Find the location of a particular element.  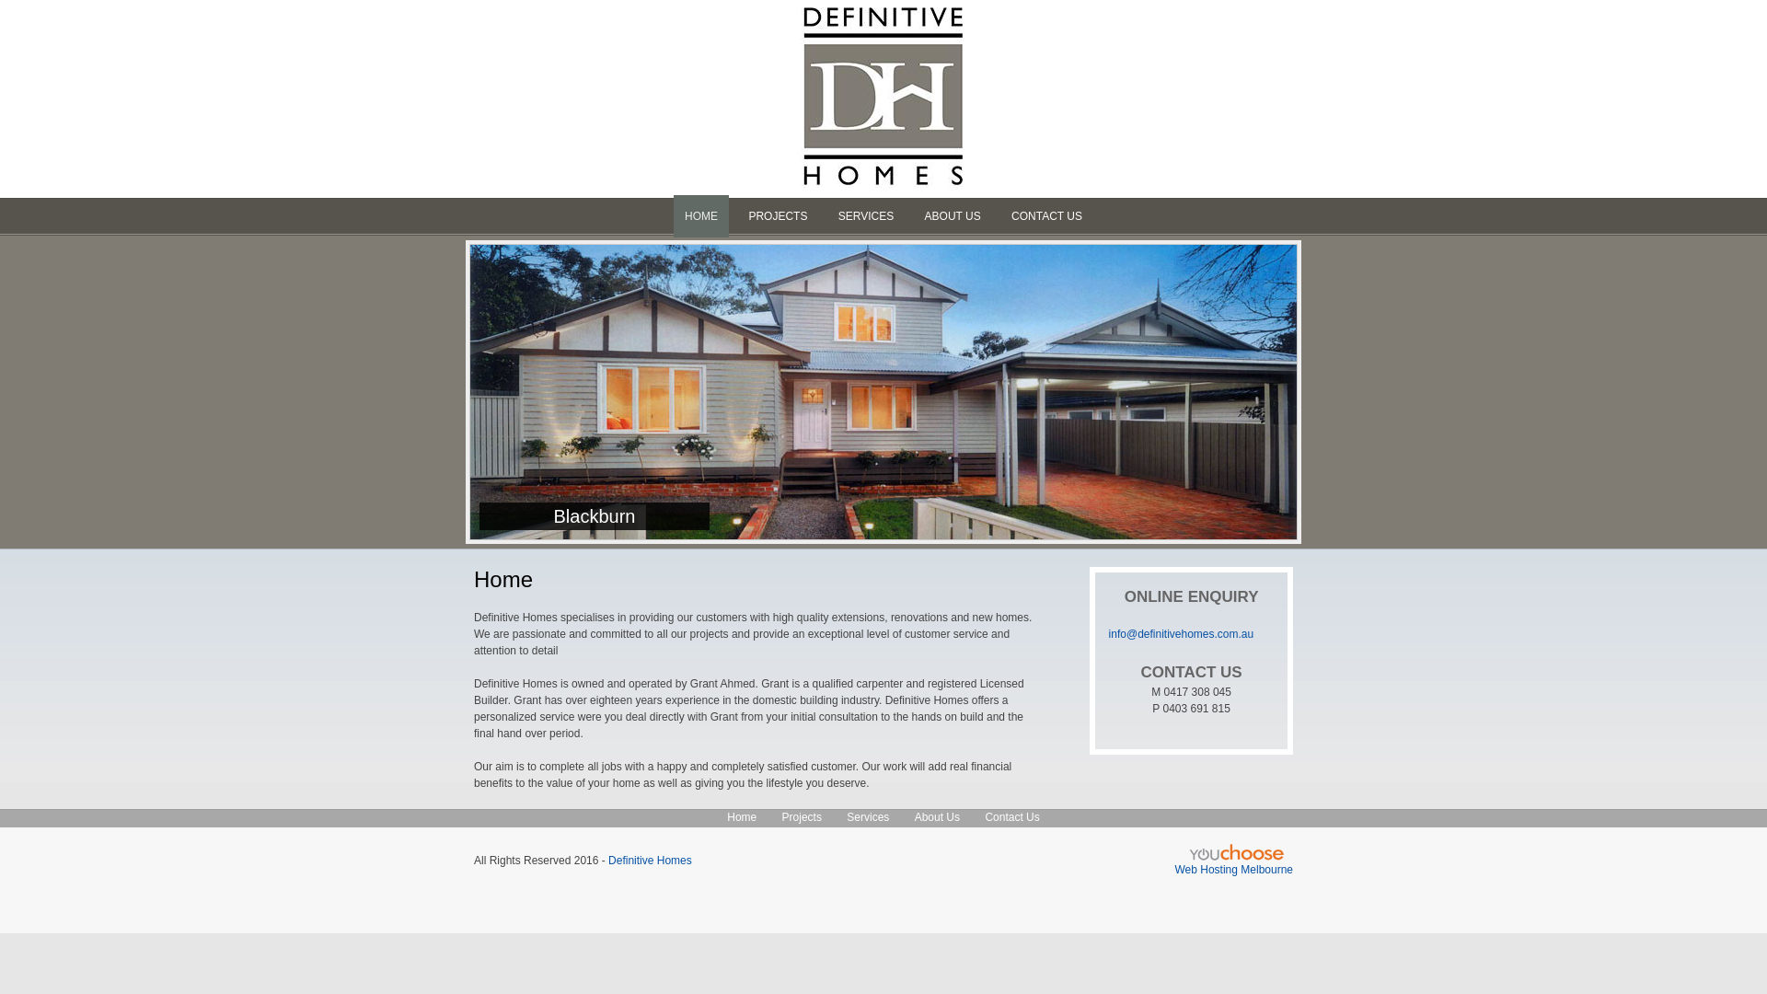

'ABOUT US' is located at coordinates (953, 215).